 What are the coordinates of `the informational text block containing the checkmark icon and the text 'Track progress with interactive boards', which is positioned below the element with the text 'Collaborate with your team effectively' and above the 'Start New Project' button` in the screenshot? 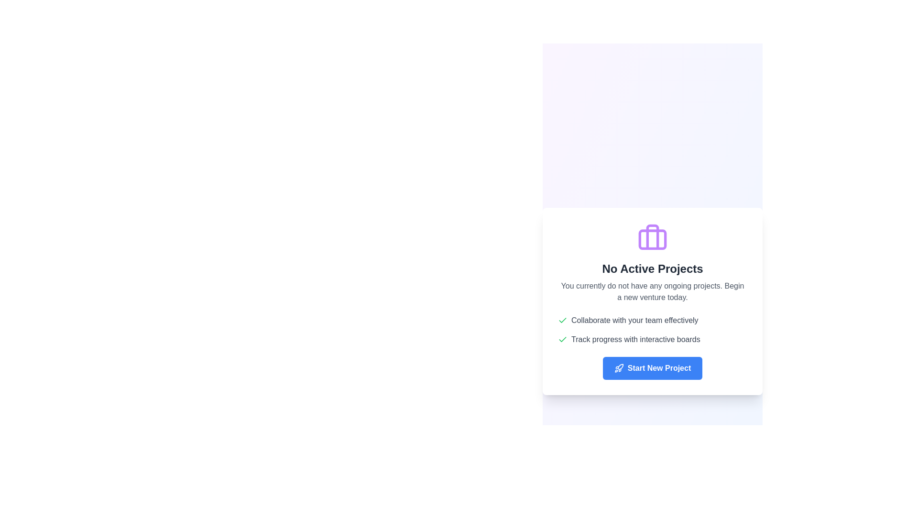 It's located at (652, 339).